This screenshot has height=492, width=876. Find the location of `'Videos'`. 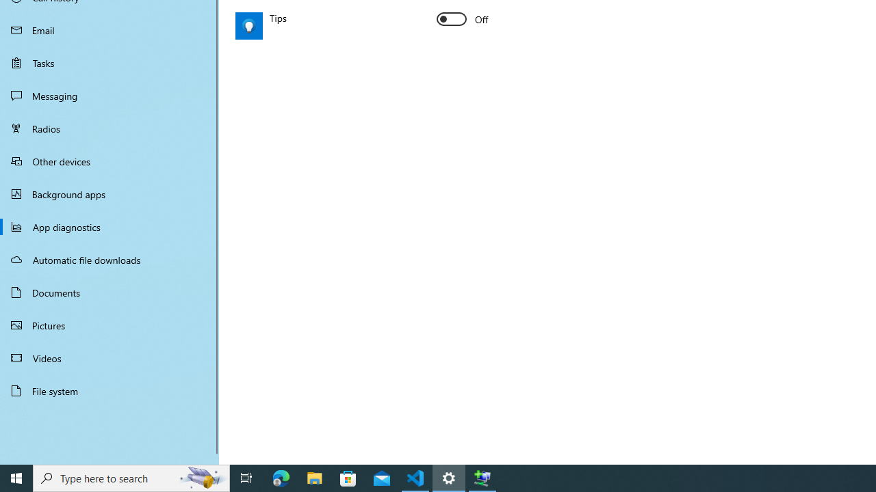

'Videos' is located at coordinates (109, 357).